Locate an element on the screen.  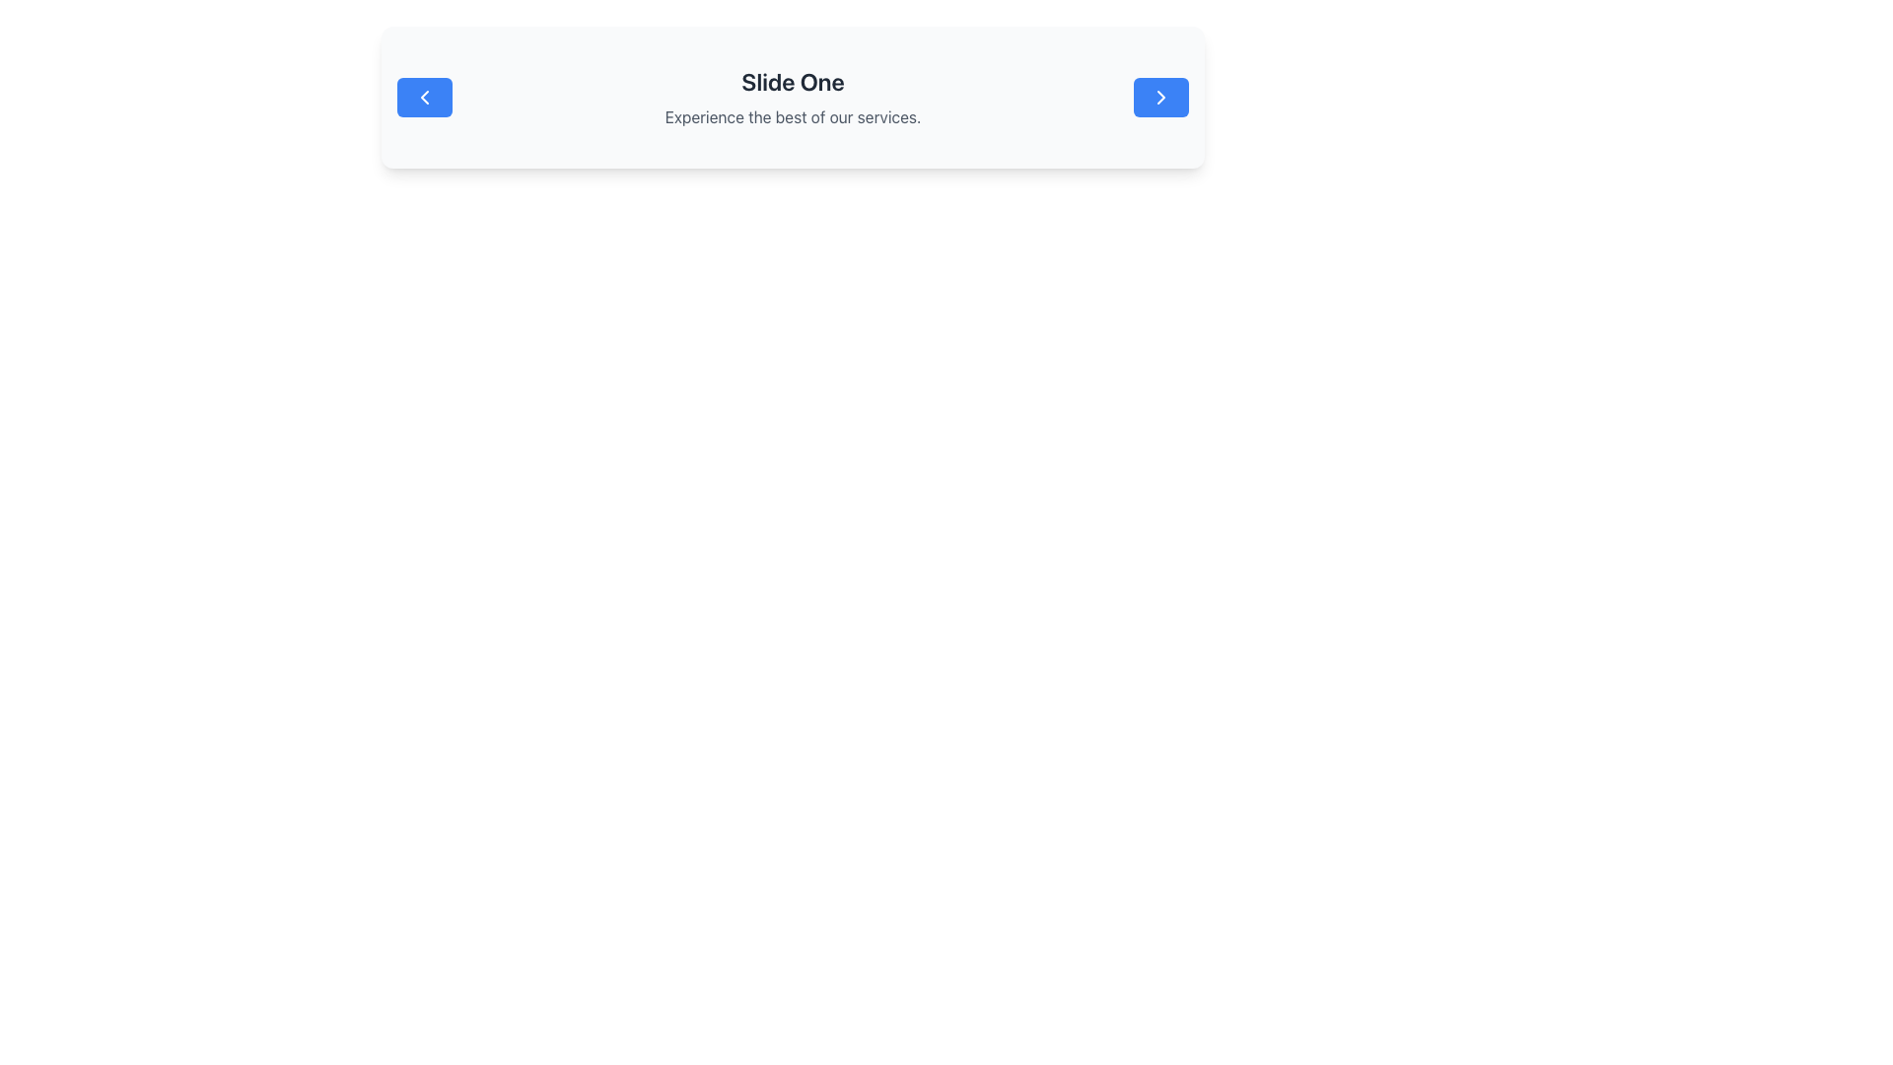
the chevron arrow icon located inside the button on the far right of the horizontal layout is located at coordinates (1160, 98).